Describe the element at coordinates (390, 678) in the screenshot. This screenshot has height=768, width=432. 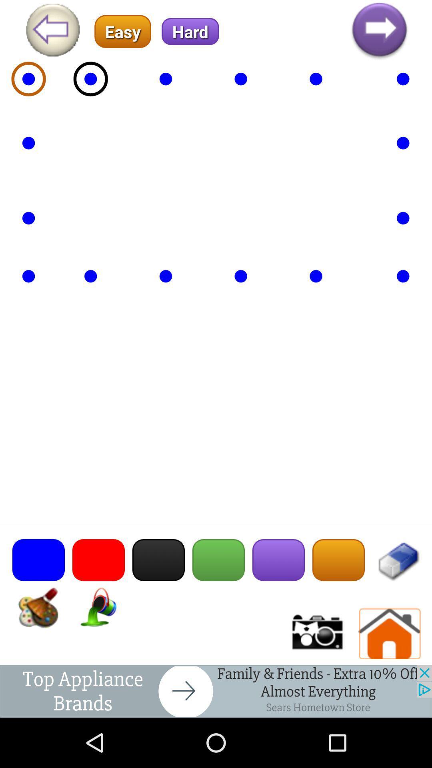
I see `the home icon` at that location.